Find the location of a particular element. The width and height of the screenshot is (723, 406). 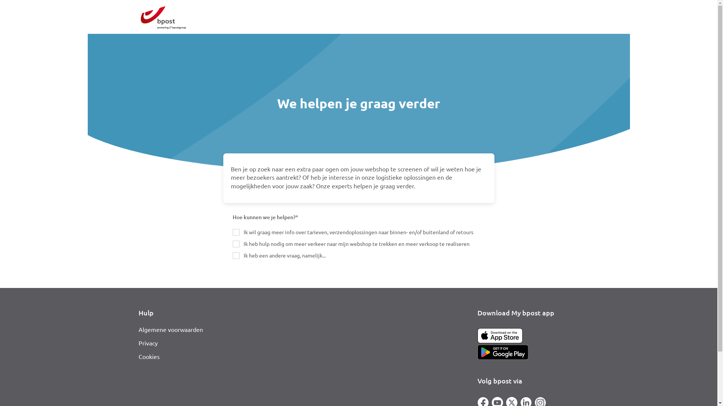

'Cookies' is located at coordinates (149, 356).